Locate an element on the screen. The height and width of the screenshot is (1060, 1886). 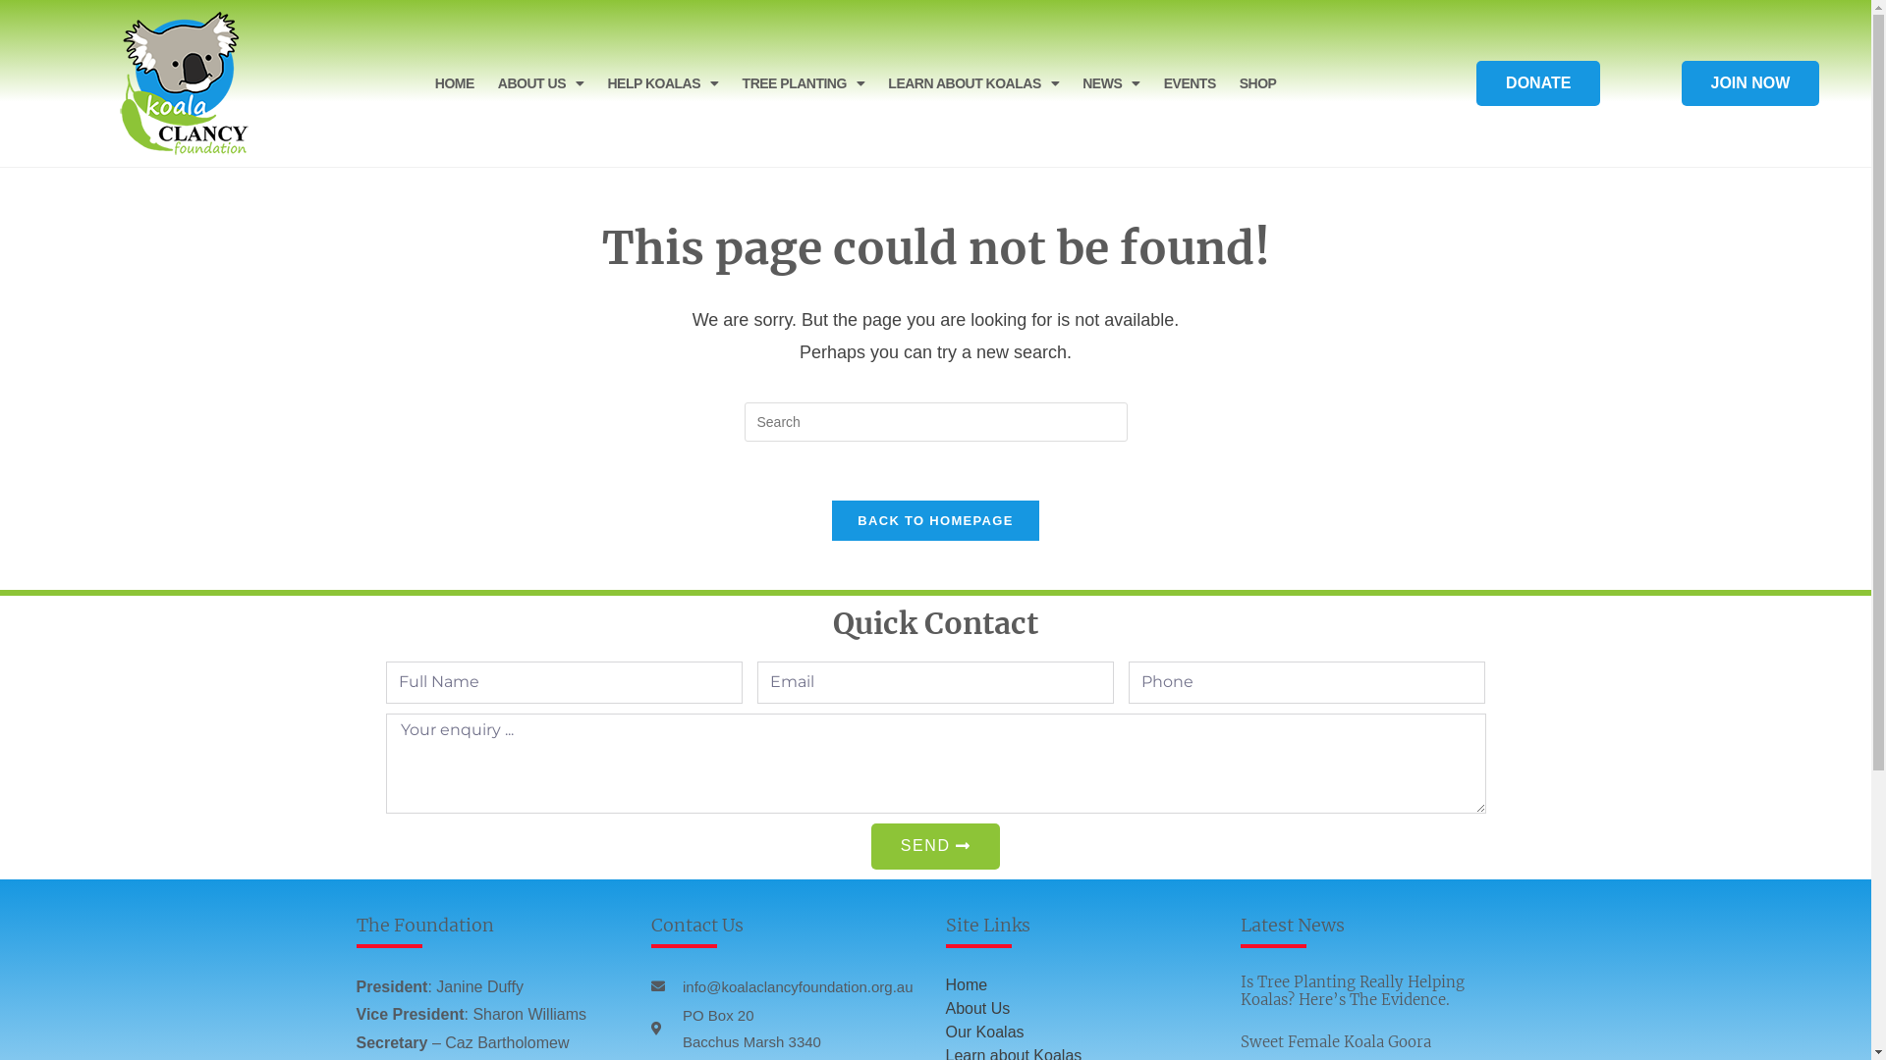
'DONATE' is located at coordinates (1536, 81).